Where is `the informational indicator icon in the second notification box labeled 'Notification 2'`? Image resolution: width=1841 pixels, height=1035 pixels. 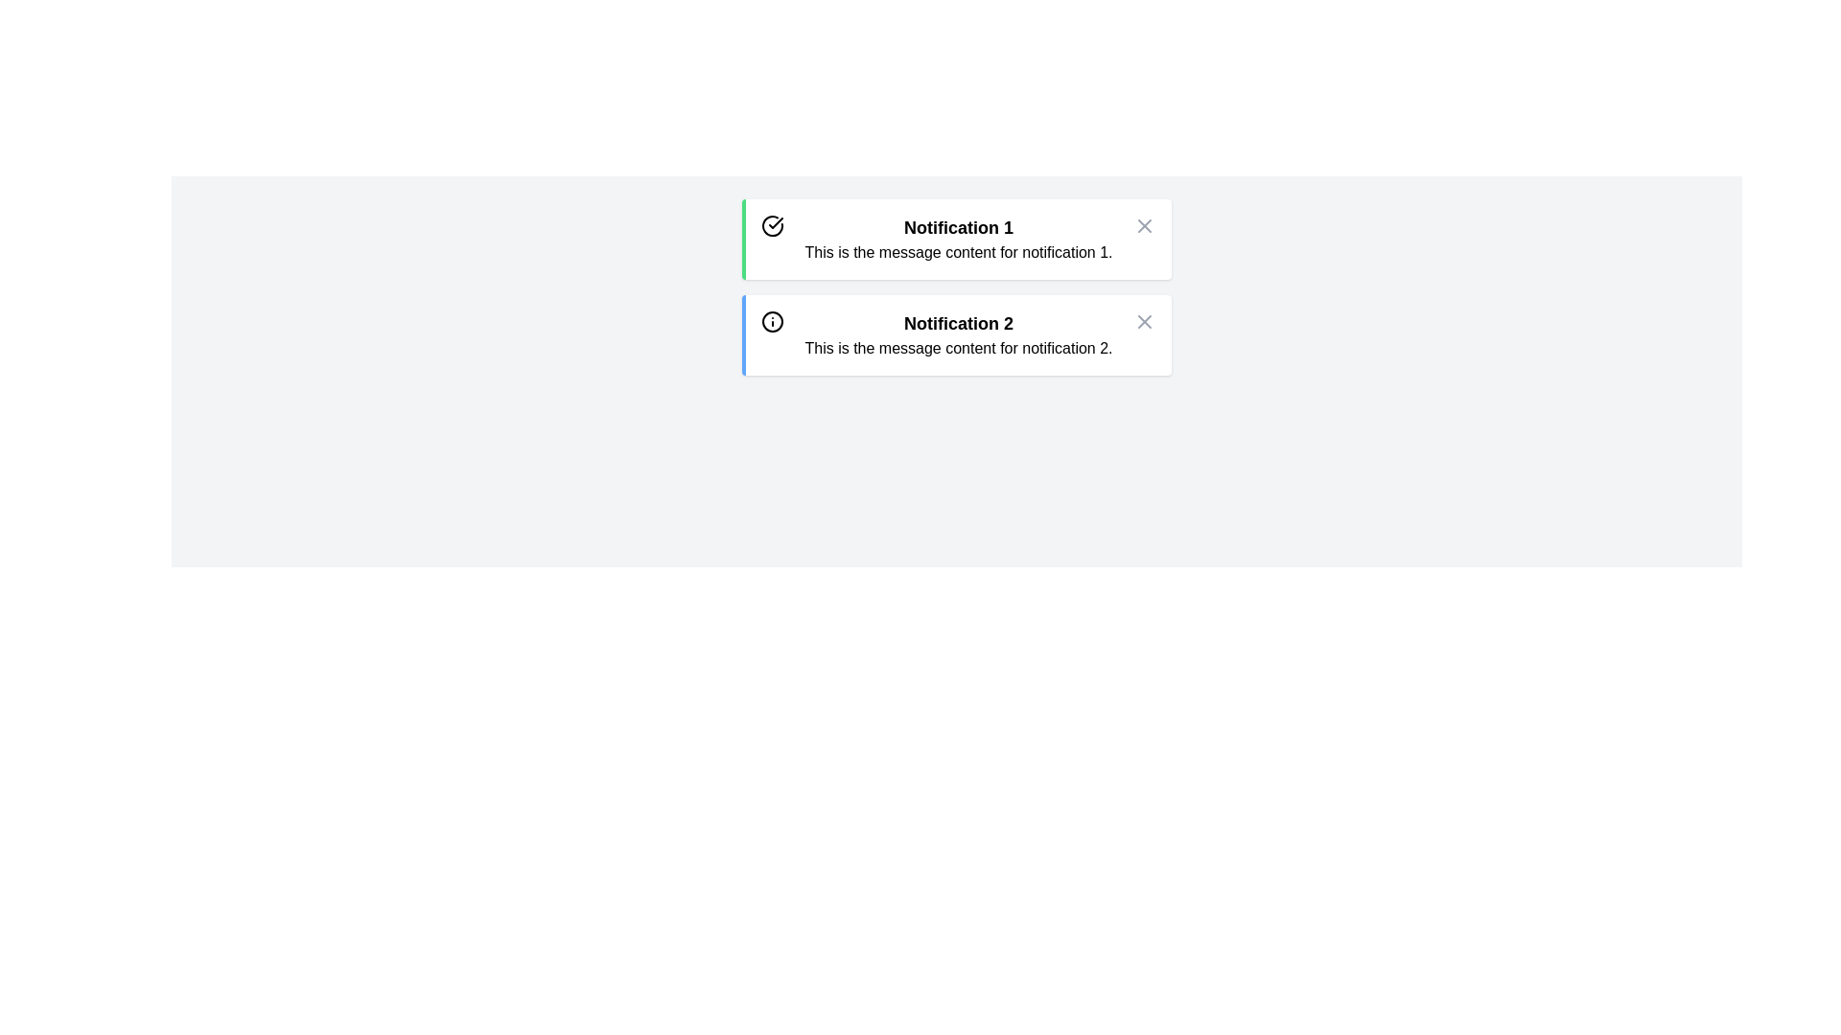
the informational indicator icon in the second notification box labeled 'Notification 2' is located at coordinates (773, 320).